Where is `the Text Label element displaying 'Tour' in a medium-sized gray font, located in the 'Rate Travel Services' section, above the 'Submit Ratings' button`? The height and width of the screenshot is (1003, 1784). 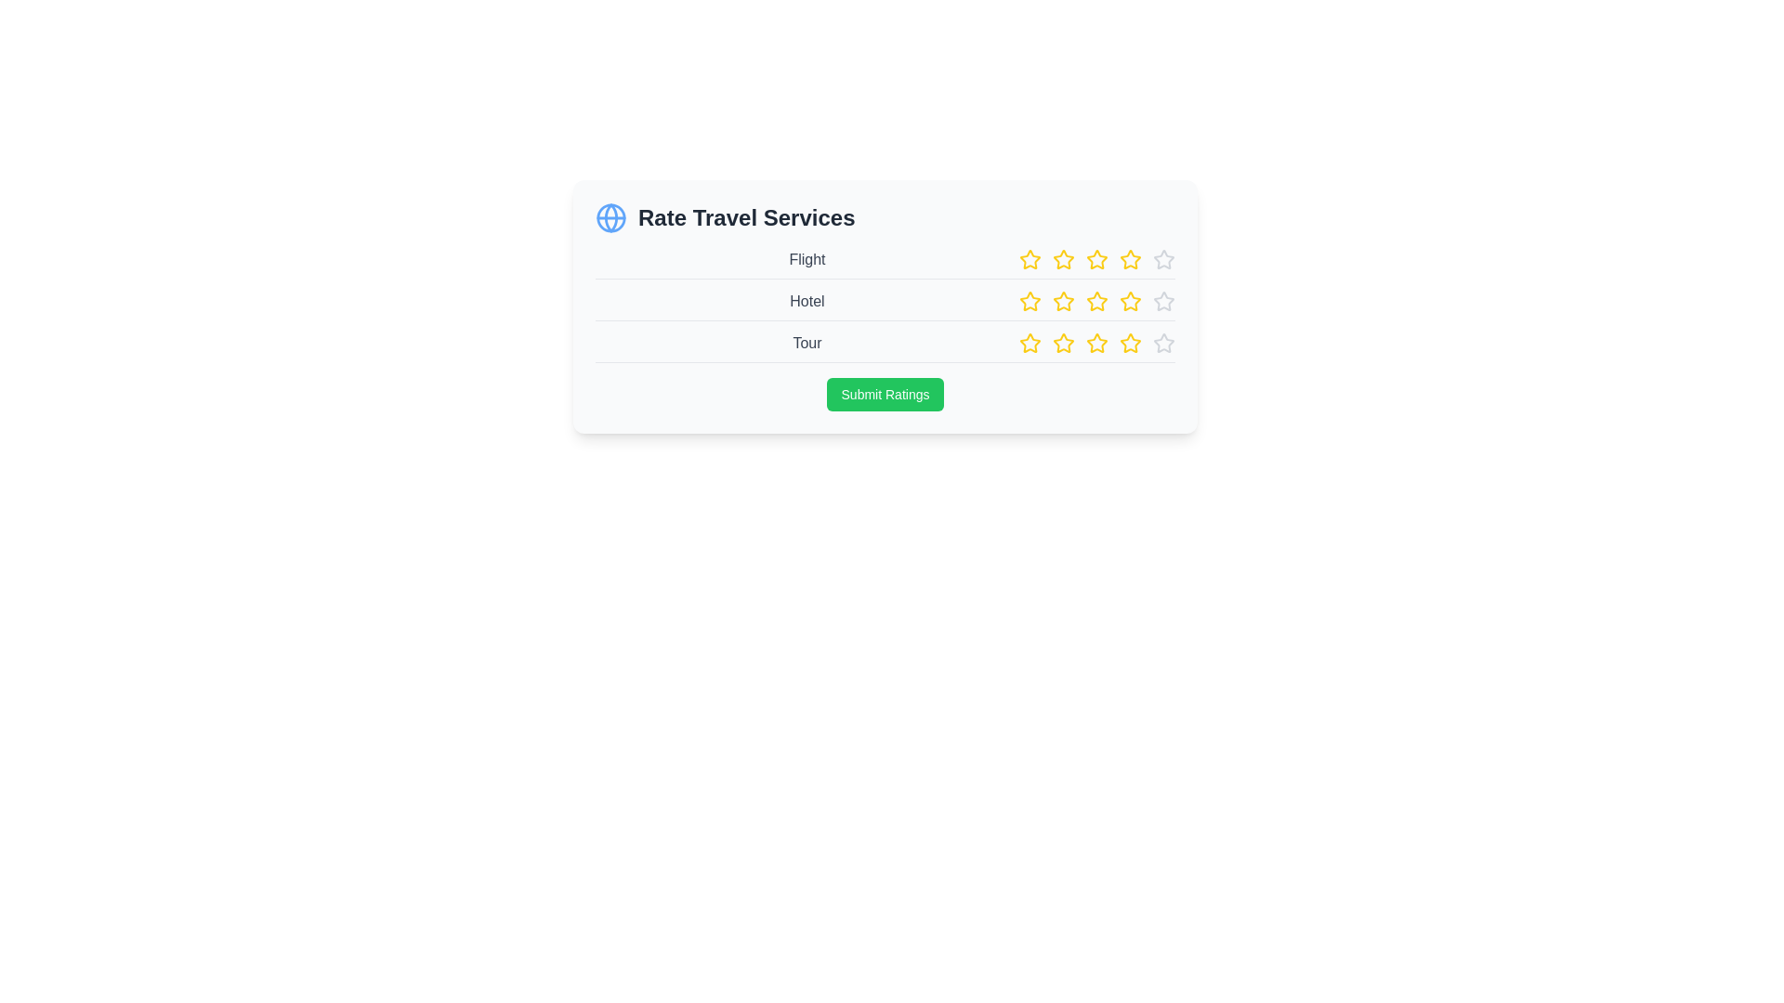 the Text Label element displaying 'Tour' in a medium-sized gray font, located in the 'Rate Travel Services' section, above the 'Submit Ratings' button is located at coordinates (807, 344).